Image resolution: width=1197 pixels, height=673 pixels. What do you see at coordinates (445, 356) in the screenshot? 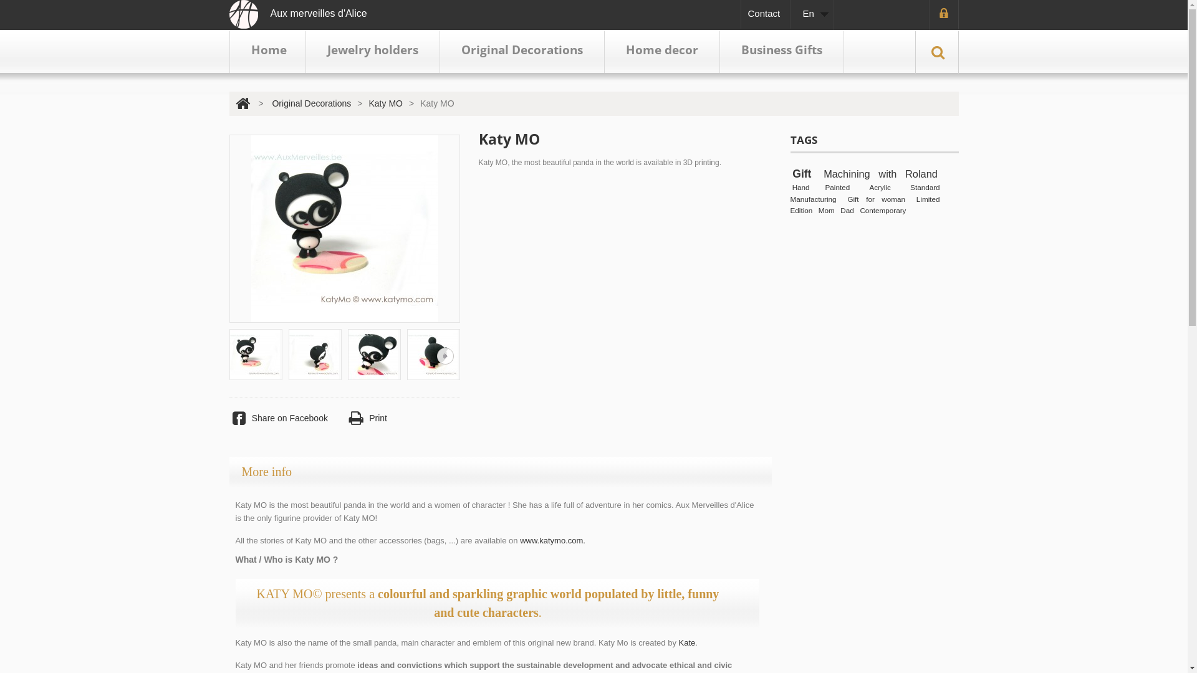
I see `'Next'` at bounding box center [445, 356].